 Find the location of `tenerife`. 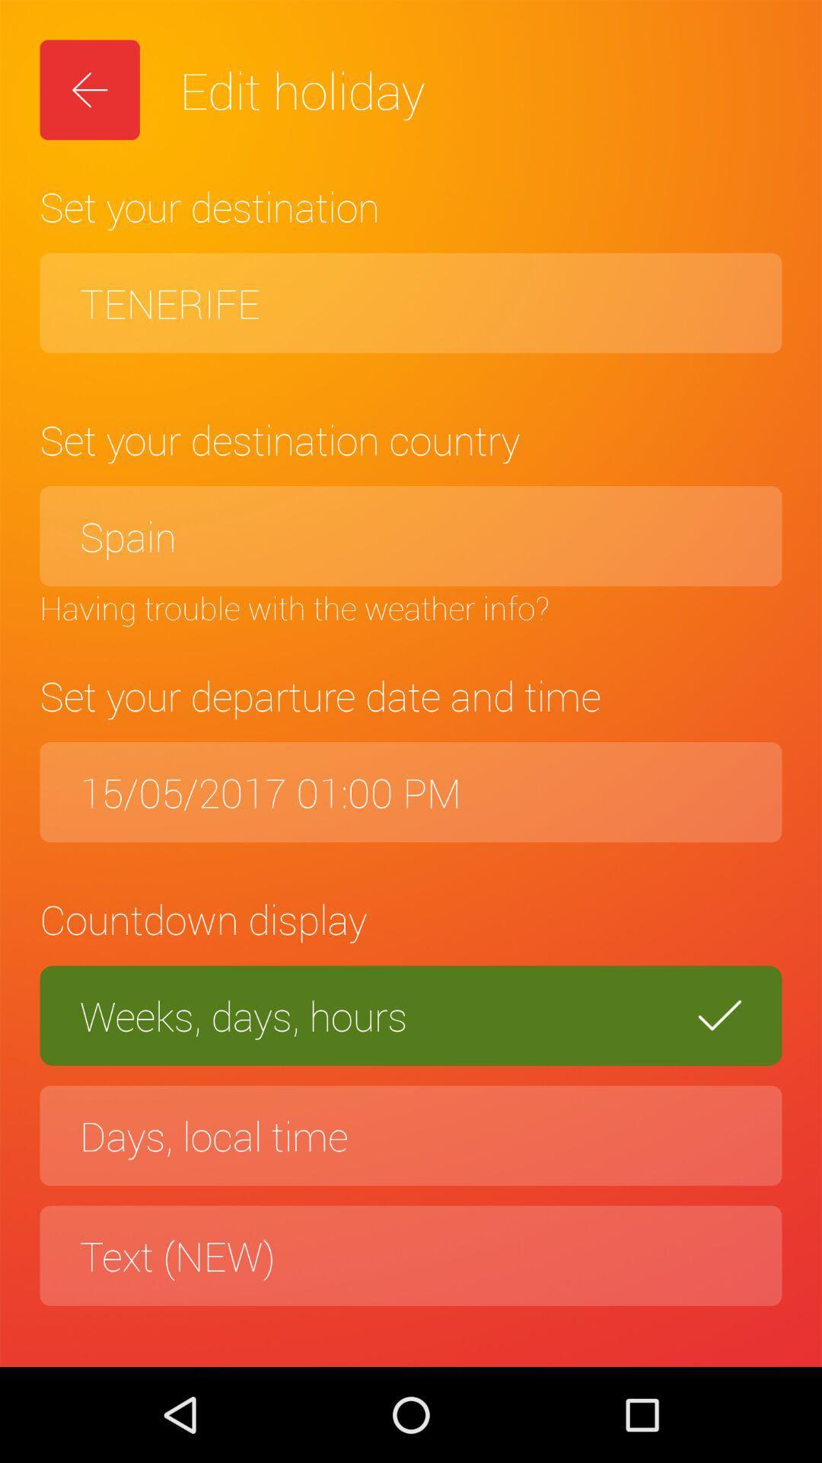

tenerife is located at coordinates (411, 303).